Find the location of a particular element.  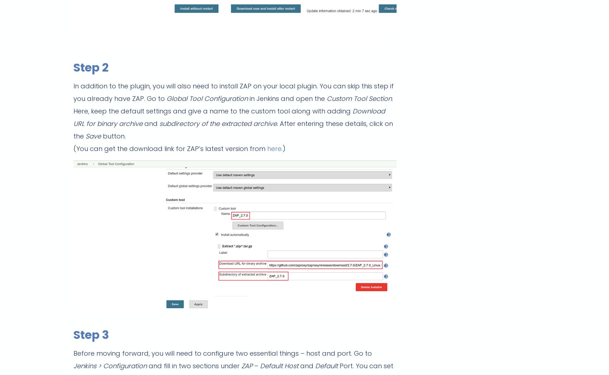

'Custom Tool Section' is located at coordinates (327, 98).